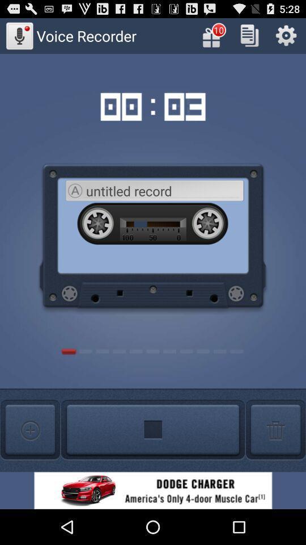 This screenshot has height=545, width=306. Describe the element at coordinates (275, 460) in the screenshot. I see `the add icon` at that location.